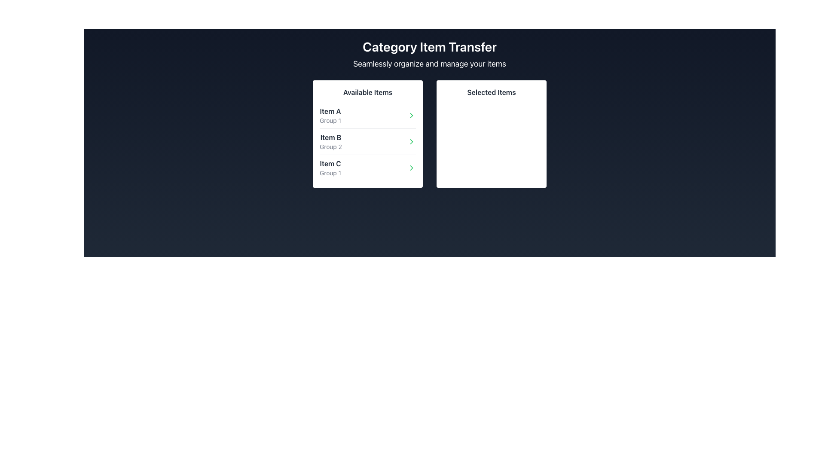 The width and height of the screenshot is (825, 464). Describe the element at coordinates (411, 115) in the screenshot. I see `the green right-pointing arrow button located in the 'Available Items' section, aligned with 'Item A' and 'Group 1'` at that location.